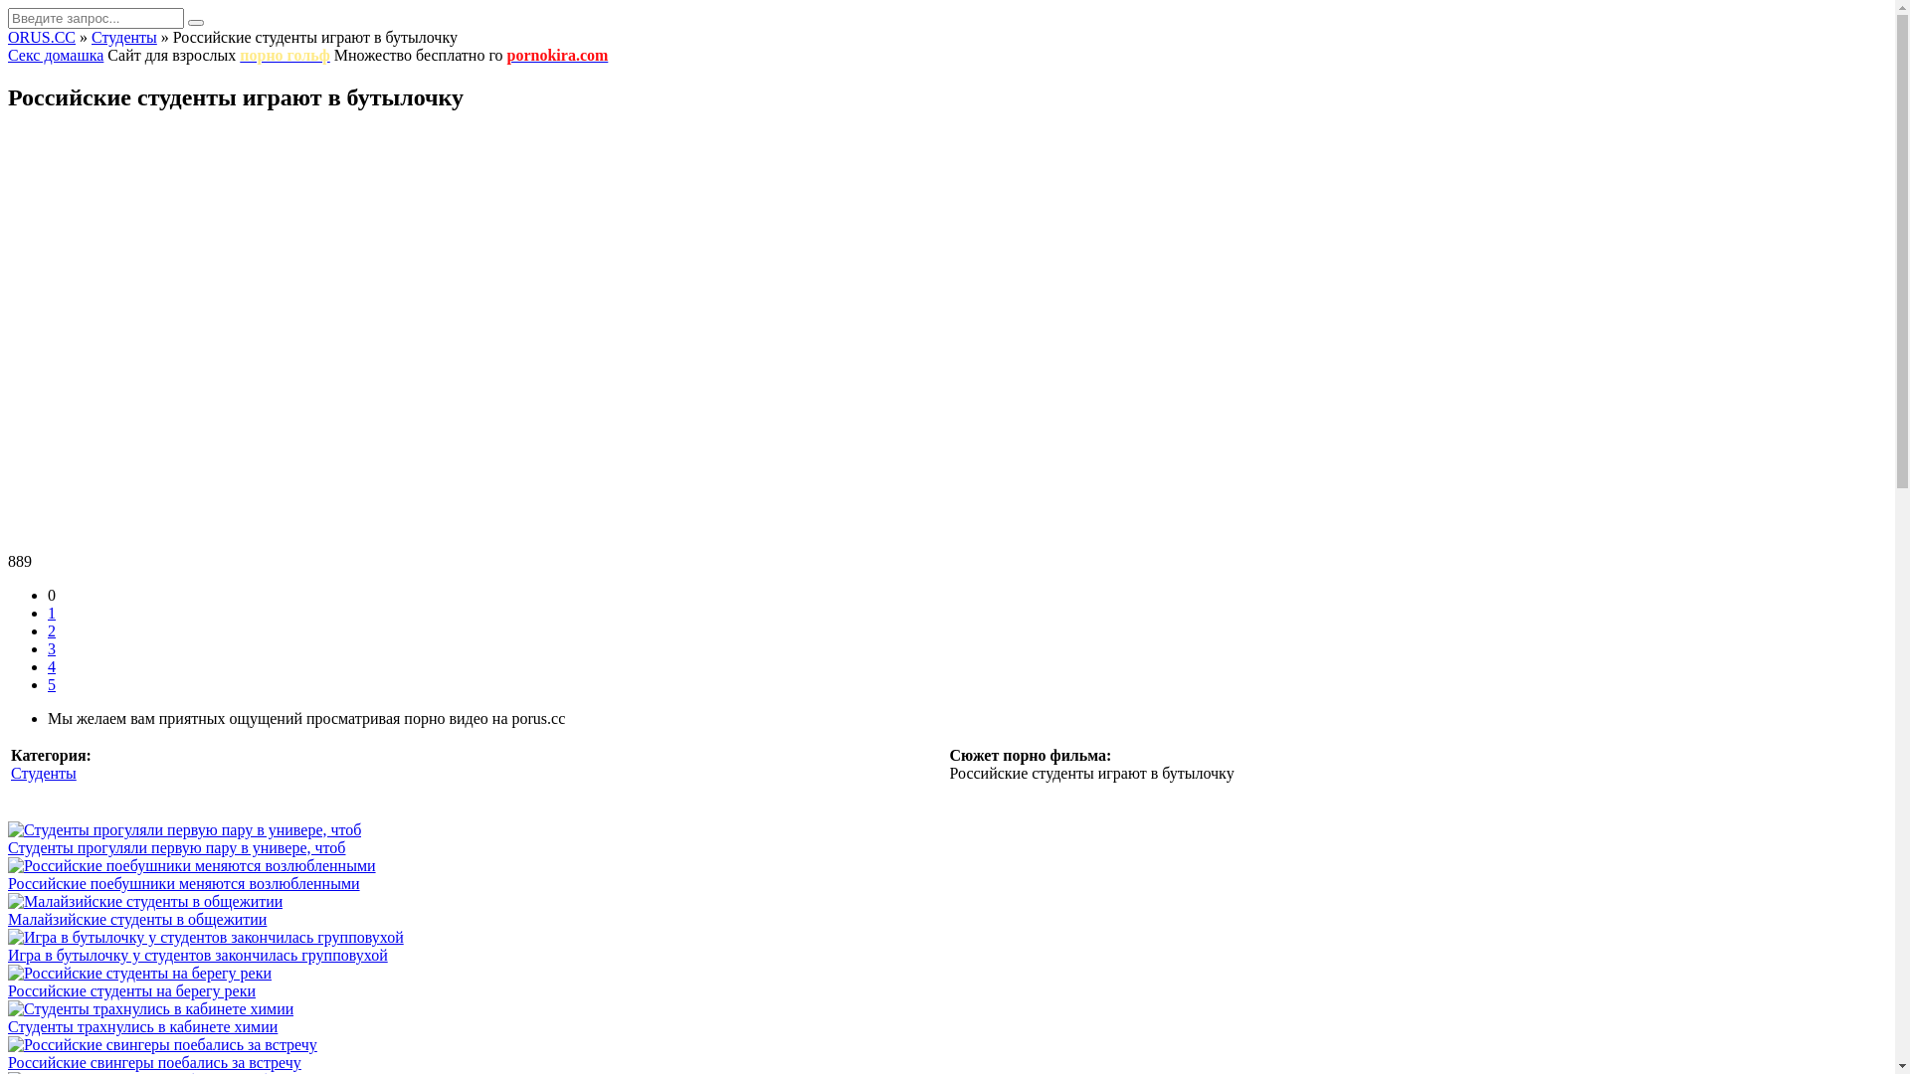 This screenshot has height=1074, width=1910. What do you see at coordinates (506, 54) in the screenshot?
I see `'pornokira.com'` at bounding box center [506, 54].